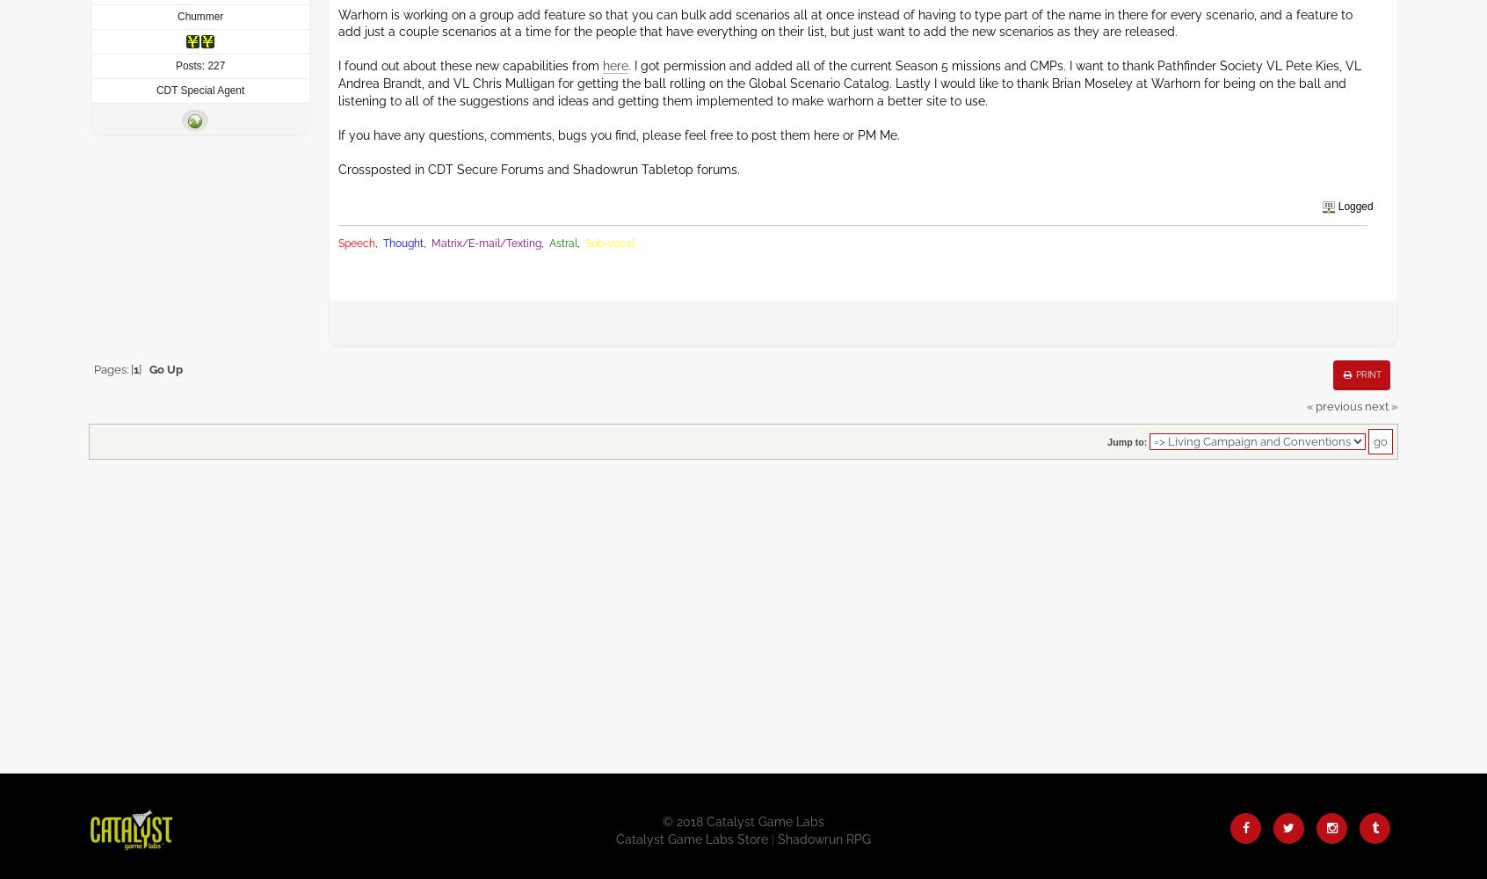 Image resolution: width=1487 pixels, height=879 pixels. Describe the element at coordinates (134, 369) in the screenshot. I see `'1'` at that location.